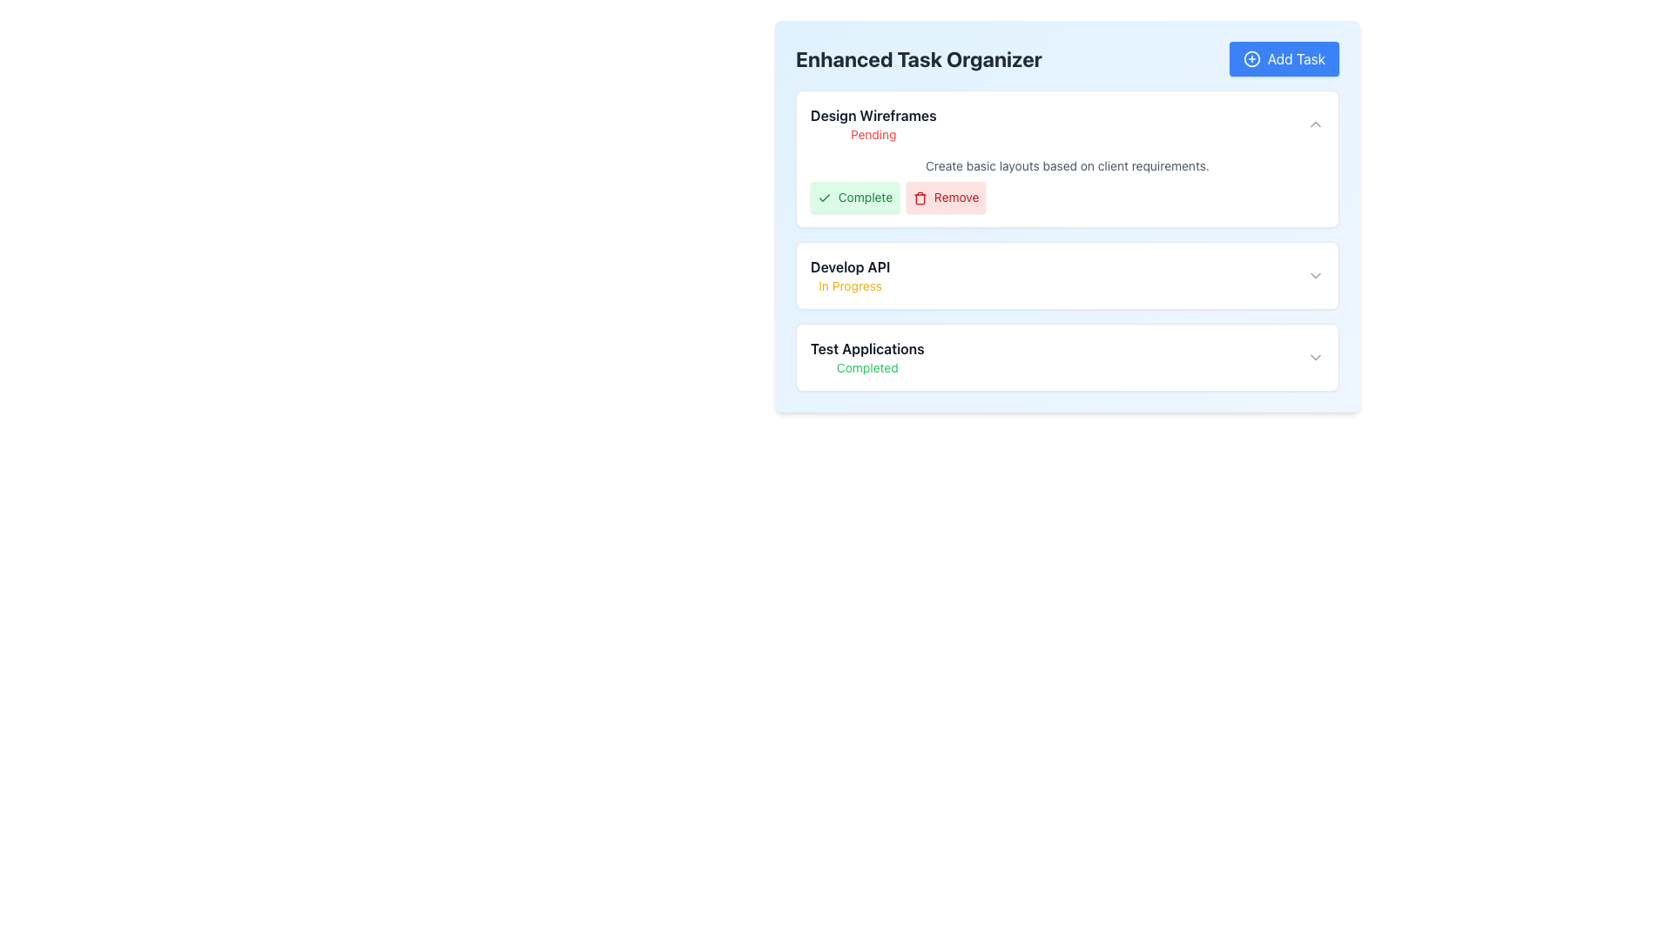  I want to click on the Text Label that serves as the title of the first task card in the 'Enhanced Task Organizer' section, located above the 'Pending' element, so click(873, 115).